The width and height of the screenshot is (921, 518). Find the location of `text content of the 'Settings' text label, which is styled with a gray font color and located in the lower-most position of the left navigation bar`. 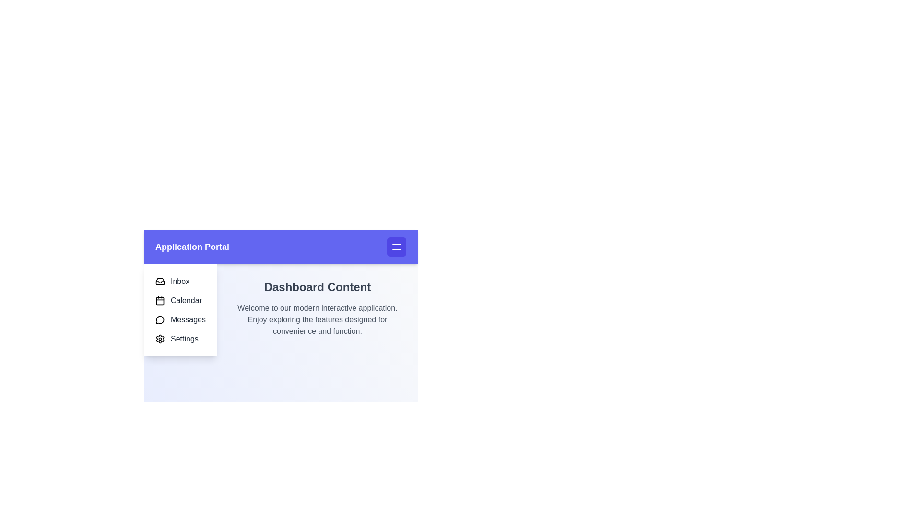

text content of the 'Settings' text label, which is styled with a gray font color and located in the lower-most position of the left navigation bar is located at coordinates (184, 338).